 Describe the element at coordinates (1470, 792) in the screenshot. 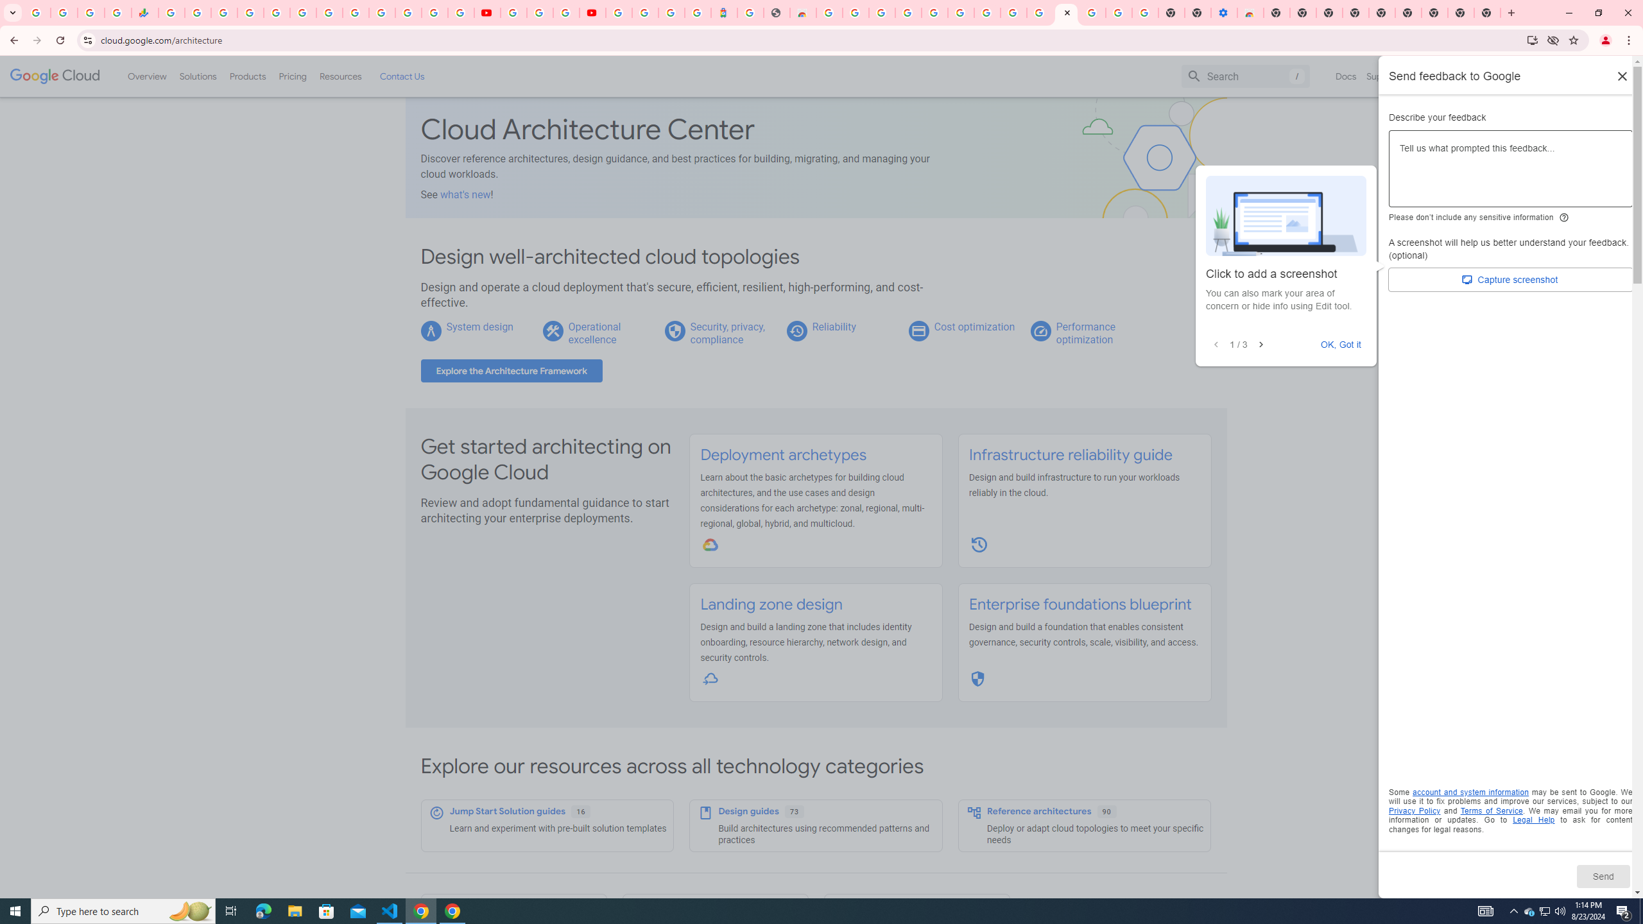

I see `'account and system information'` at that location.